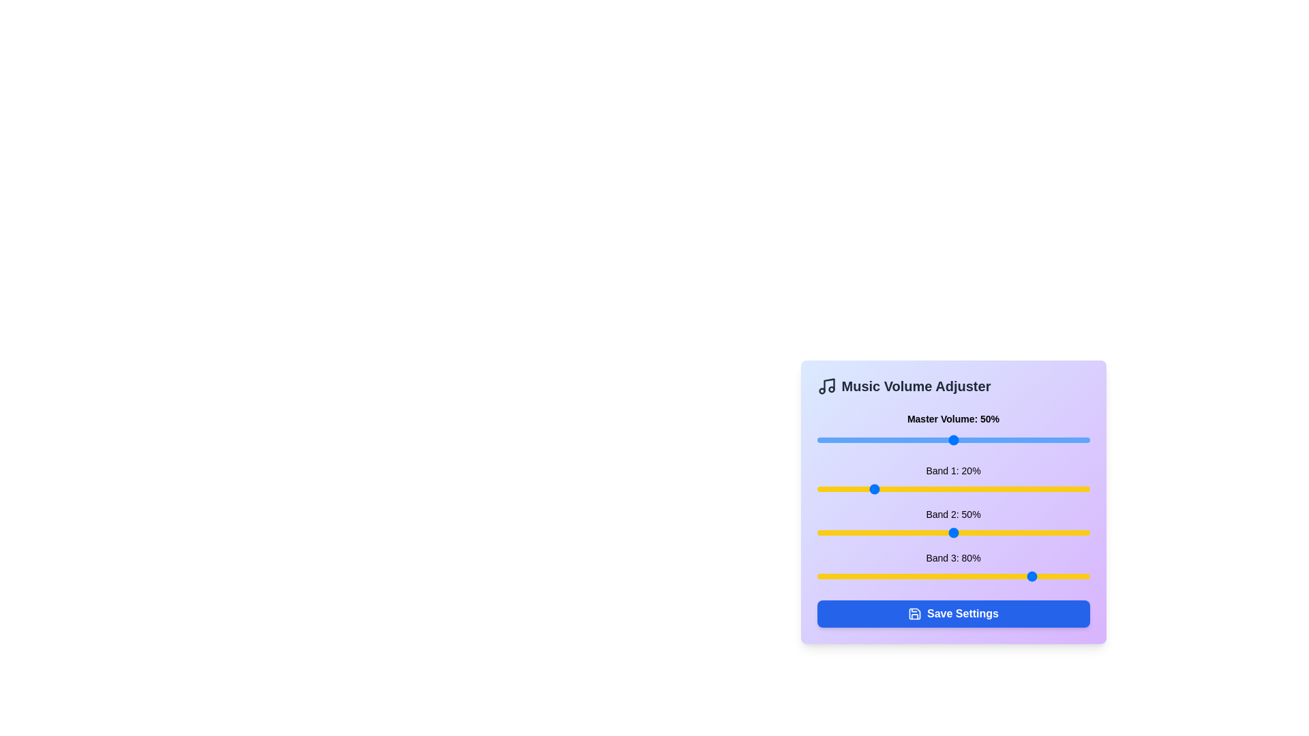  What do you see at coordinates (868, 576) in the screenshot?
I see `Band 3` at bounding box center [868, 576].